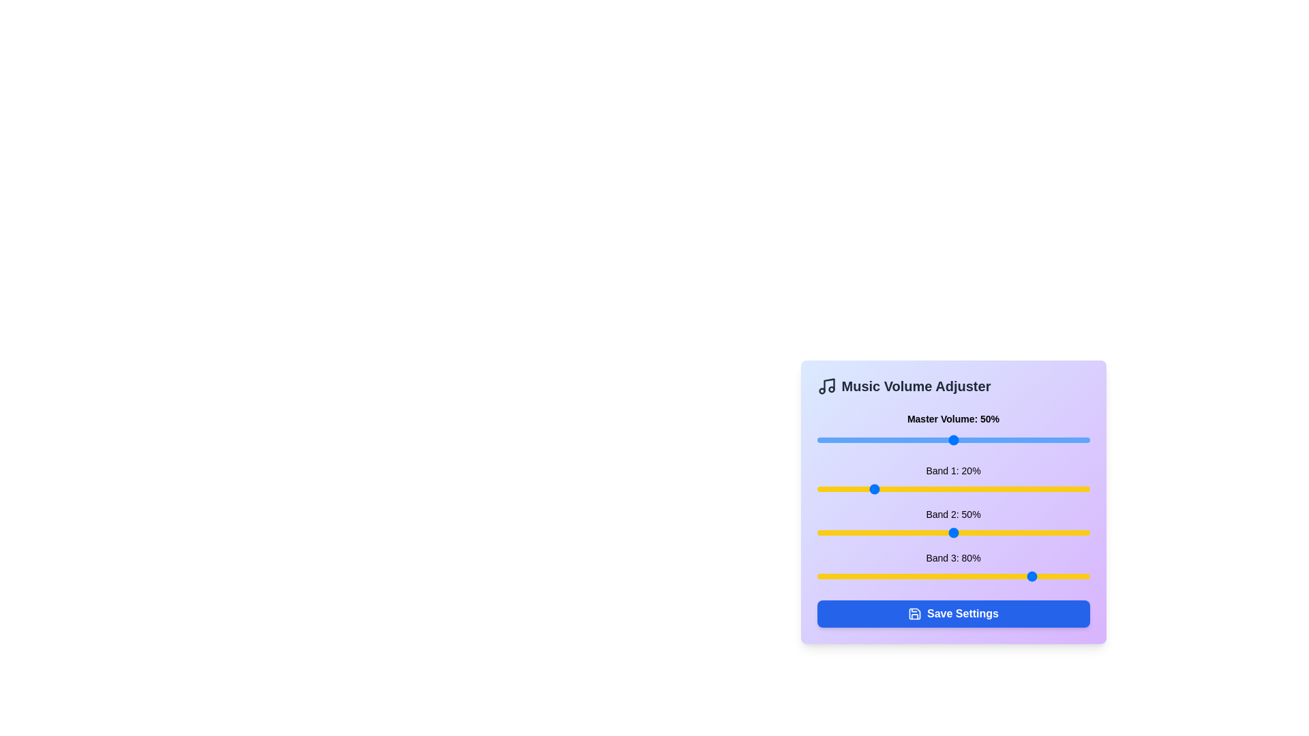  What do you see at coordinates (868, 576) in the screenshot?
I see `Band 3` at bounding box center [868, 576].